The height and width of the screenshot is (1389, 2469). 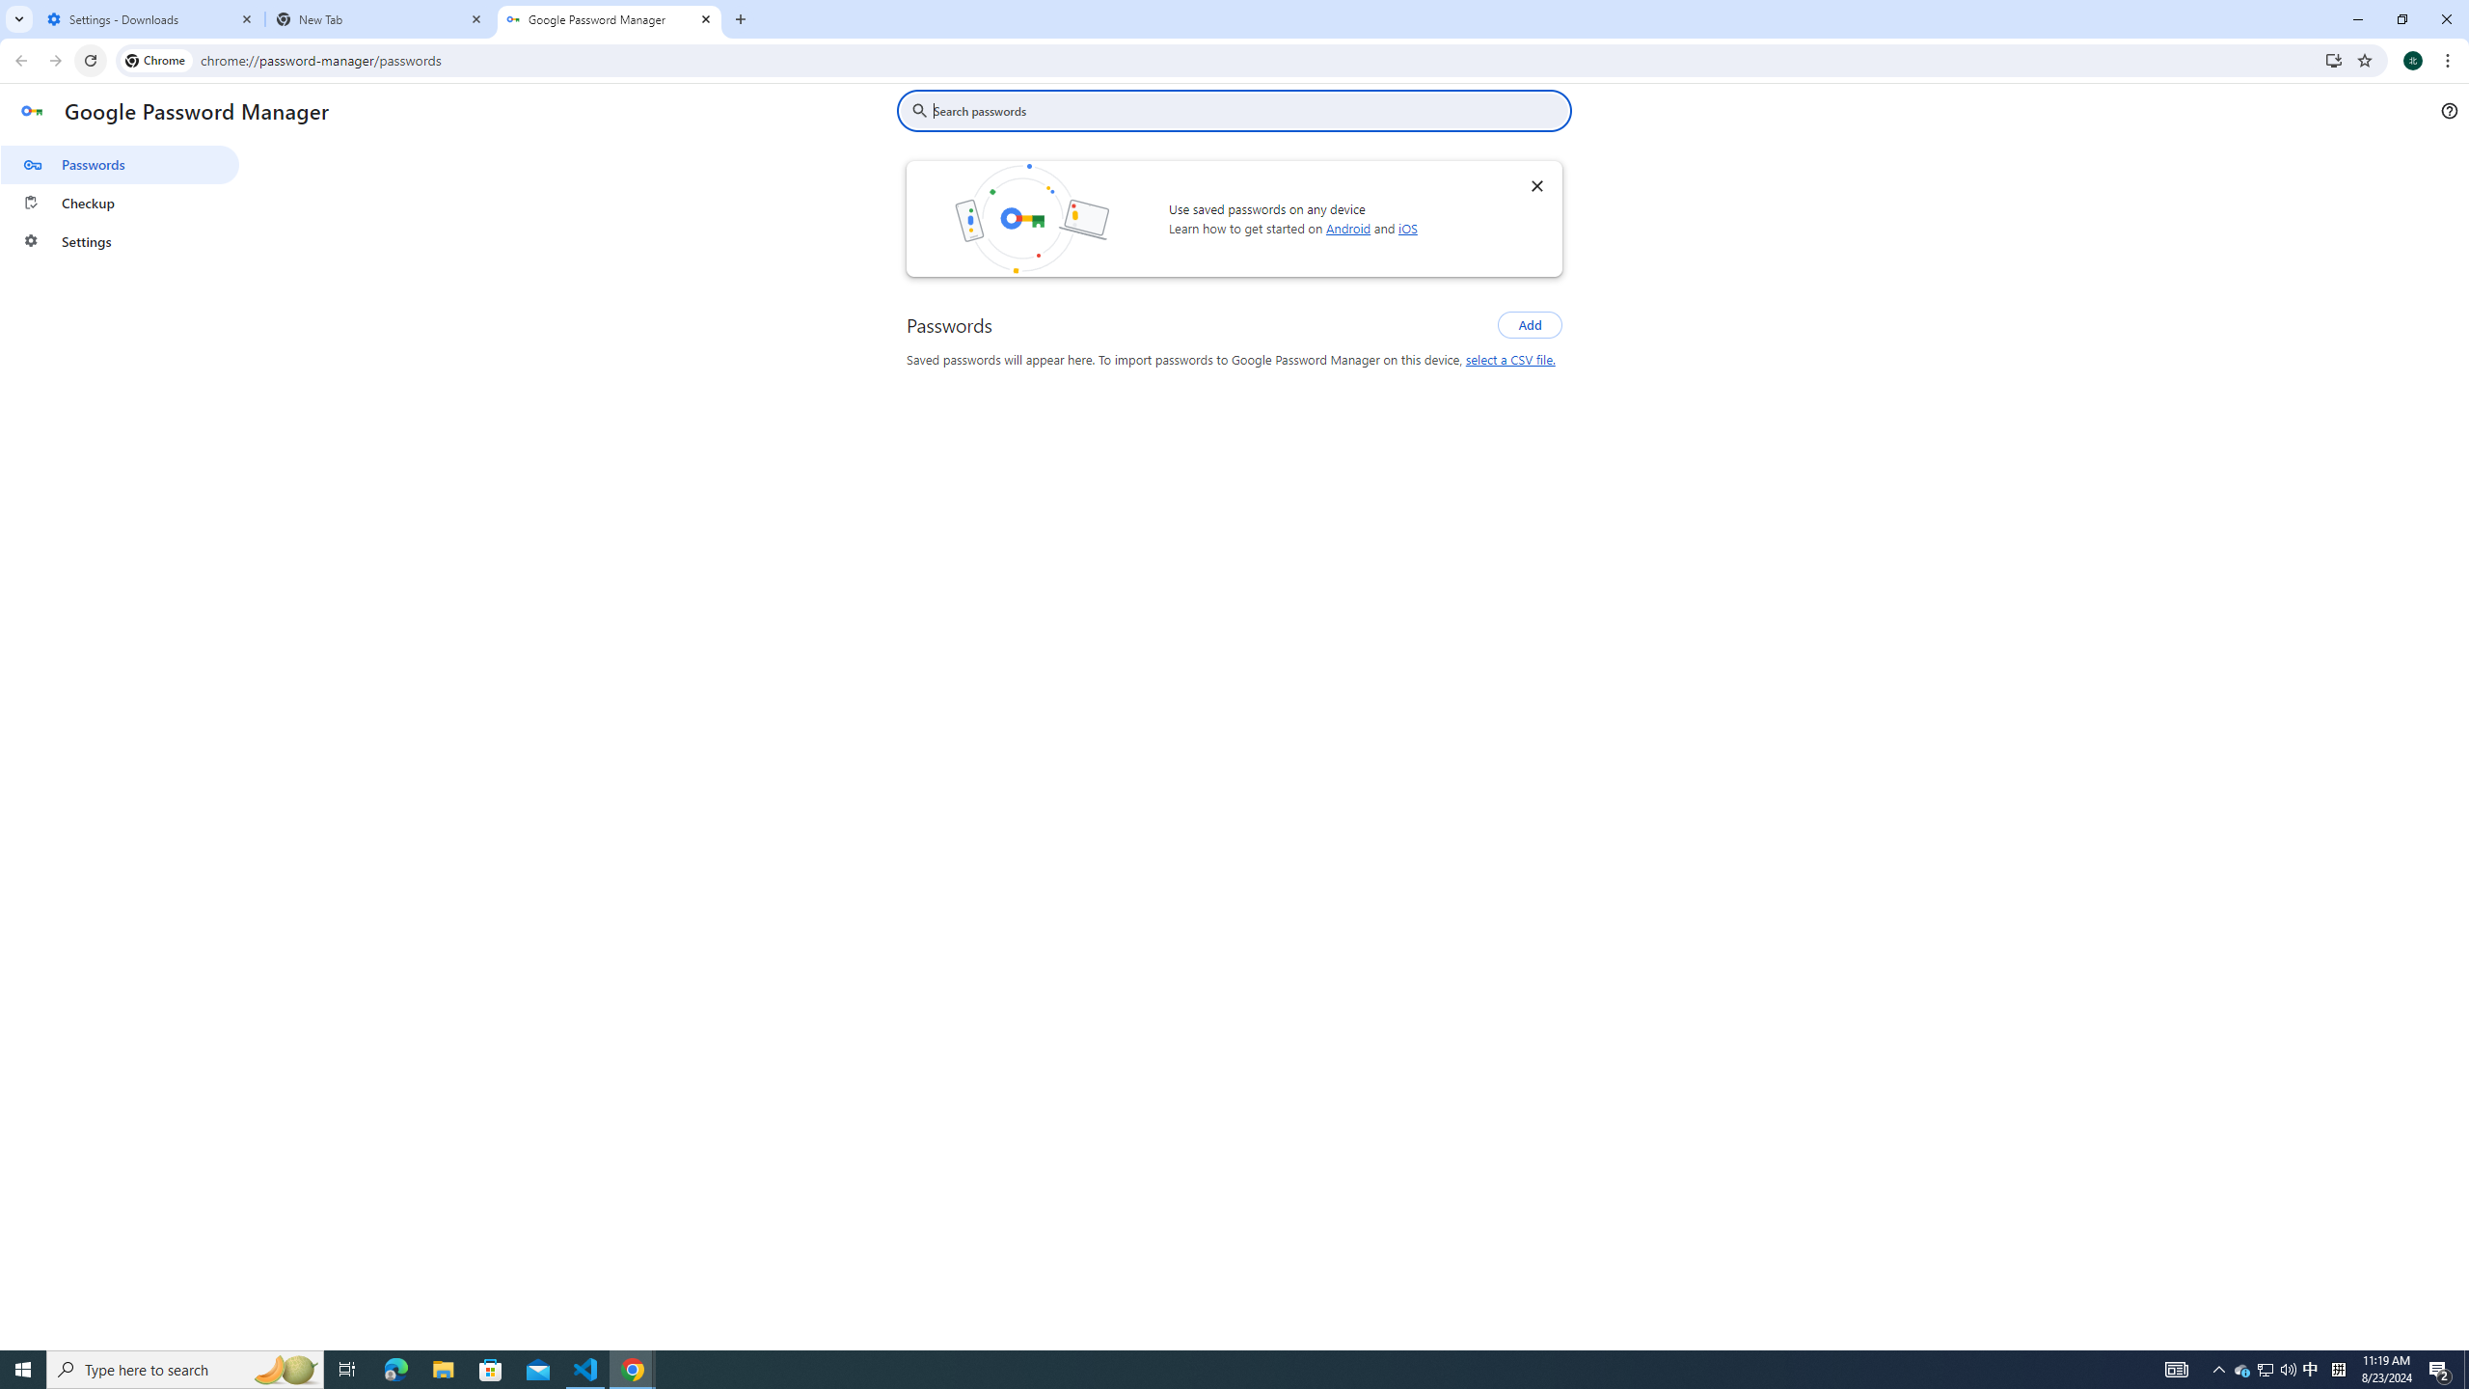 I want to click on 'Search passwords', so click(x=1247, y=110).